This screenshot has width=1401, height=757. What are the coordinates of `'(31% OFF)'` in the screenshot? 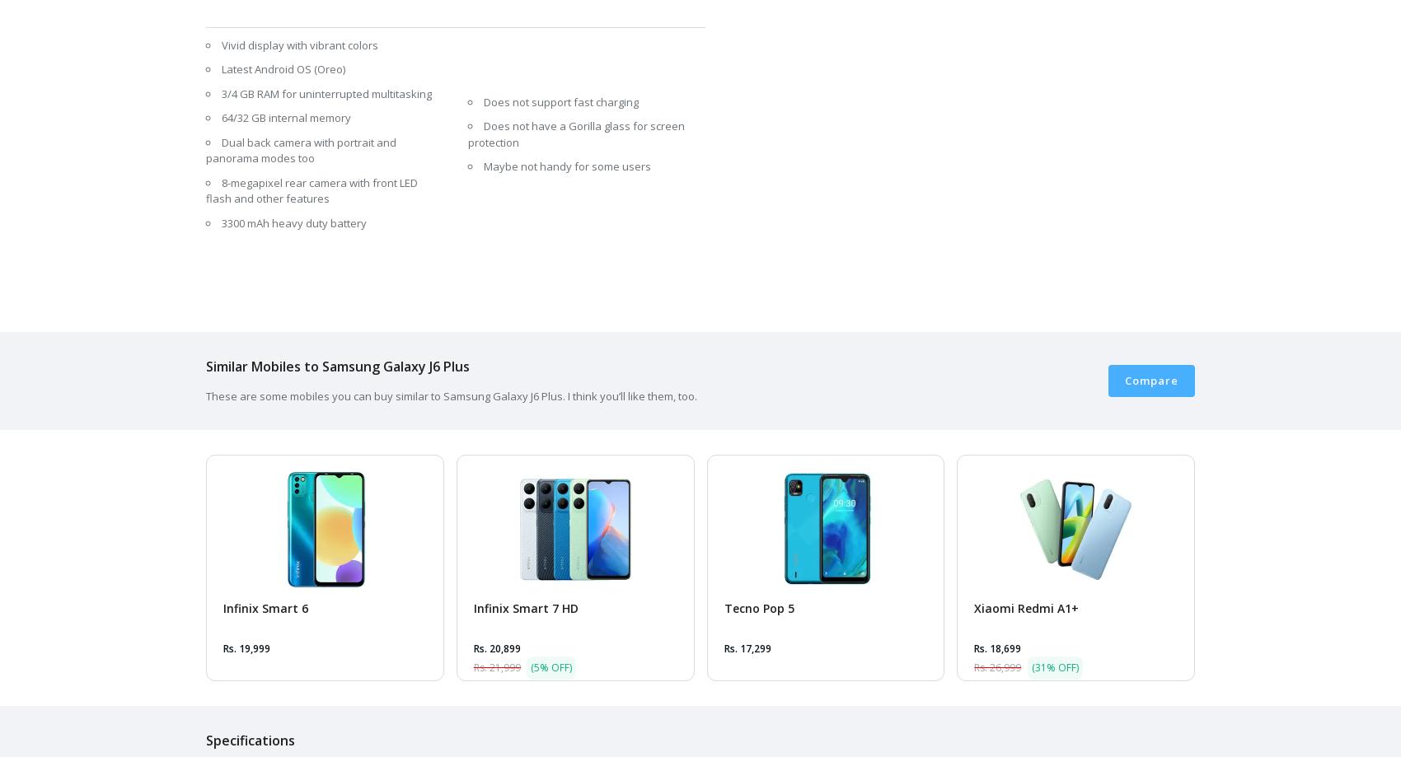 It's located at (1054, 666).